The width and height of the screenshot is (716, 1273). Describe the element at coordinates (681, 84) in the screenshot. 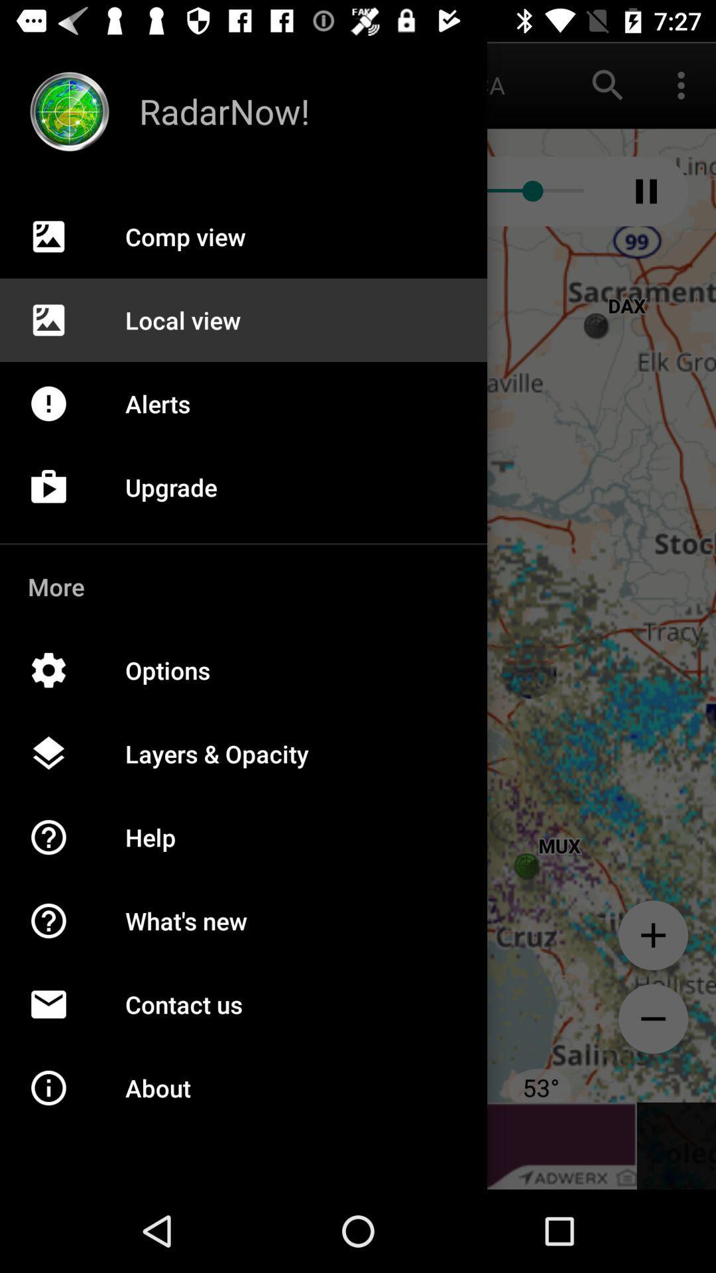

I see `the more icon` at that location.